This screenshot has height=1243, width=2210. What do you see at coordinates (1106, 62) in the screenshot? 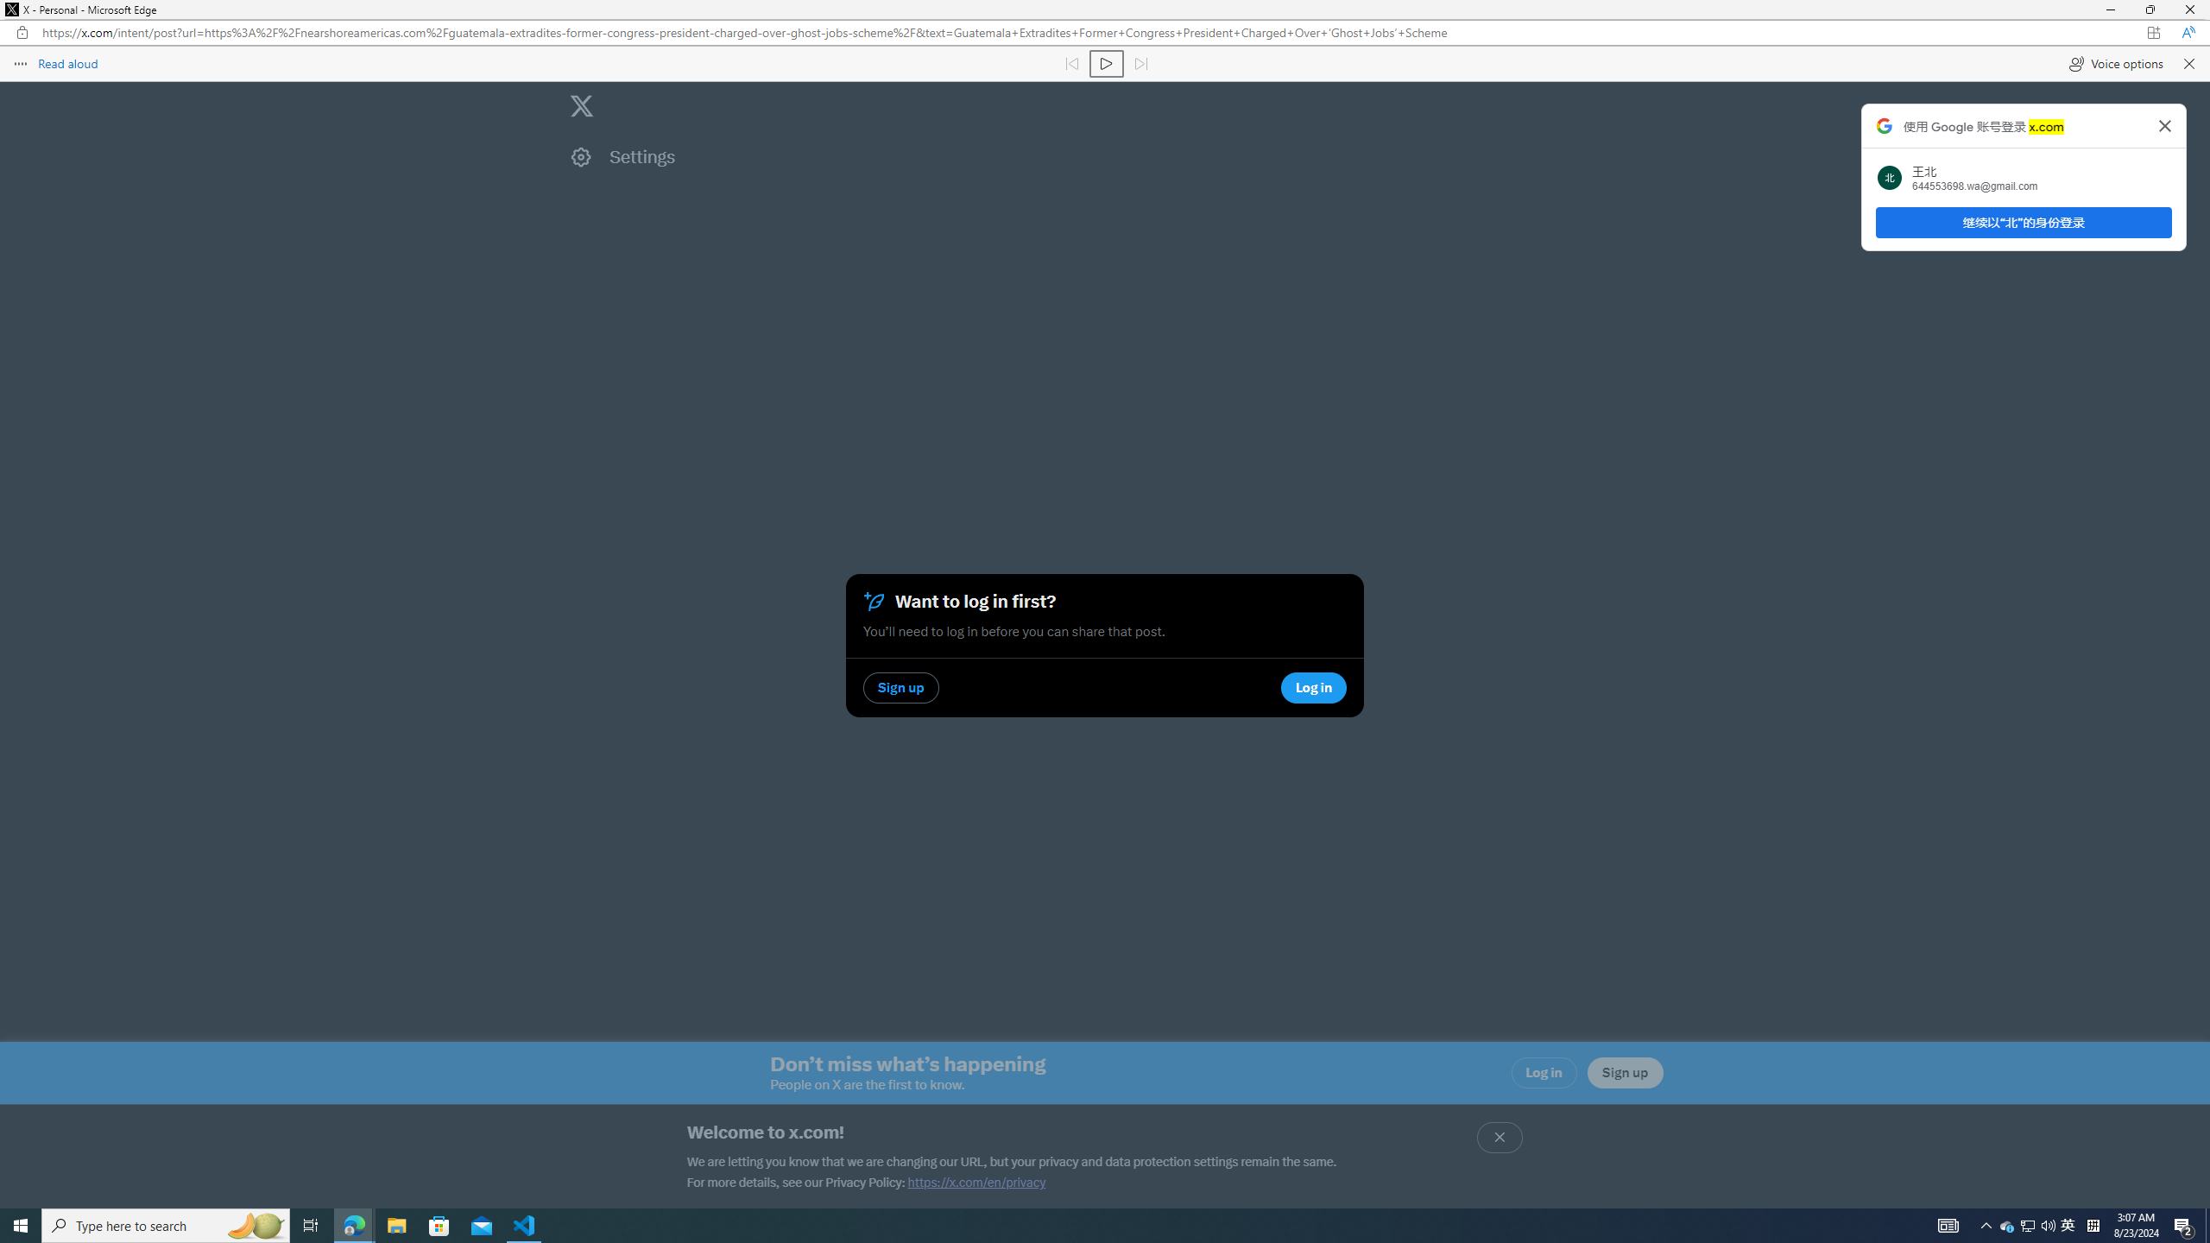
I see `'Continue to read aloud (Ctrl+Shift+U)'` at bounding box center [1106, 62].